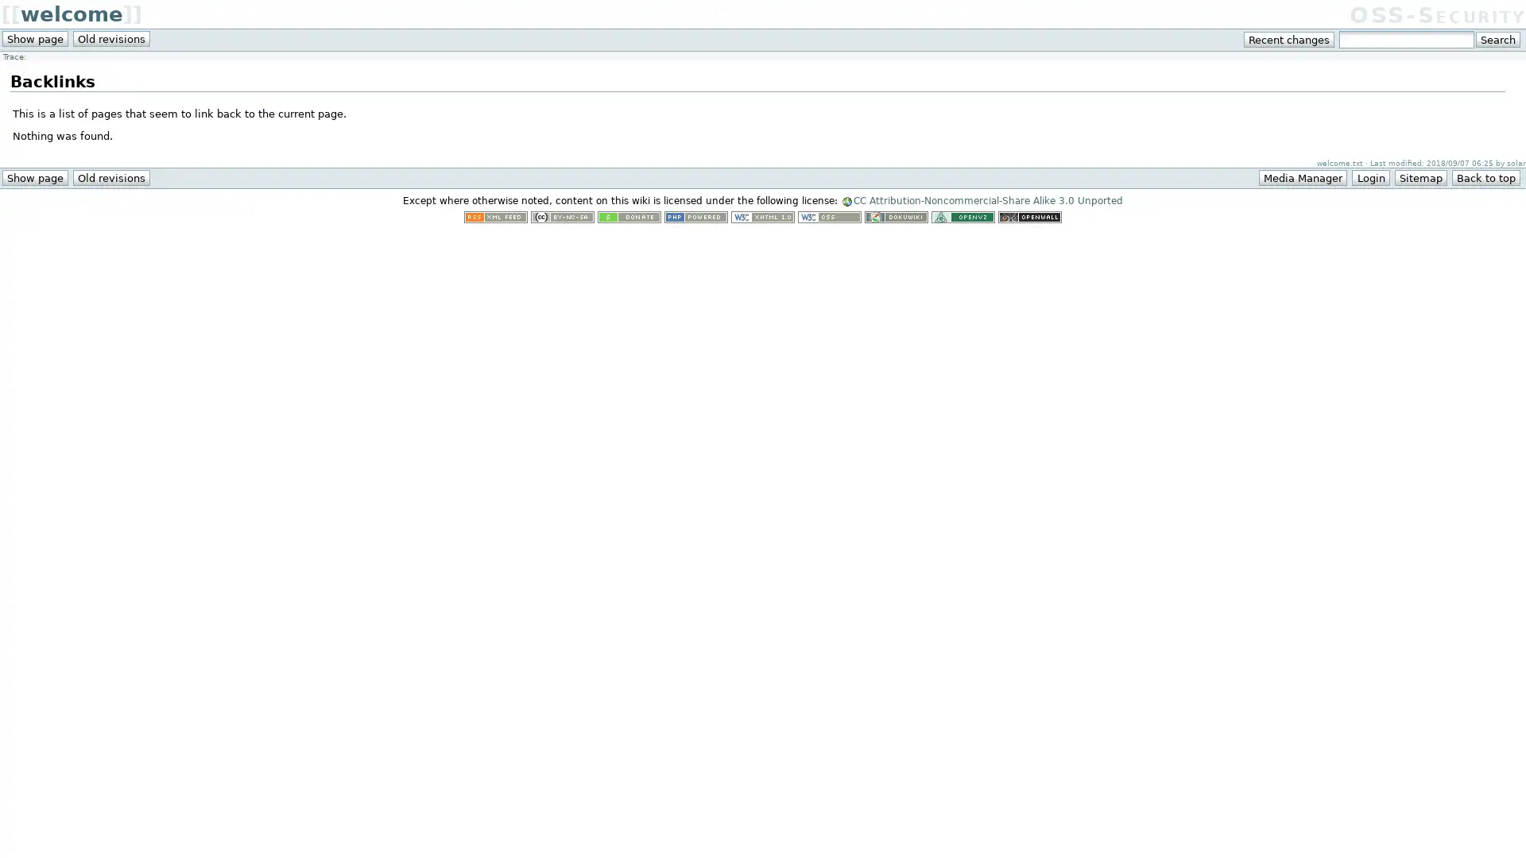  Describe the element at coordinates (1419, 177) in the screenshot. I see `Sitemap` at that location.